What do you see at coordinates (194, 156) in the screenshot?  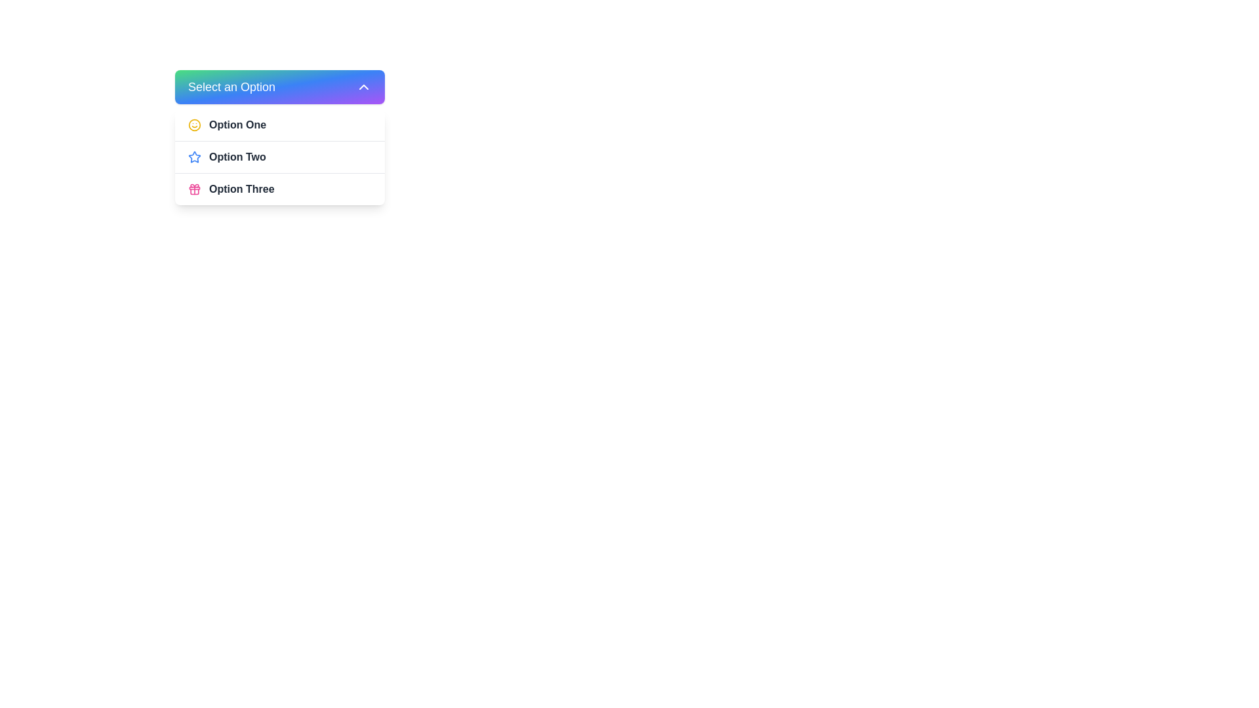 I see `the star icon located to the left of the text label 'Option Two'` at bounding box center [194, 156].